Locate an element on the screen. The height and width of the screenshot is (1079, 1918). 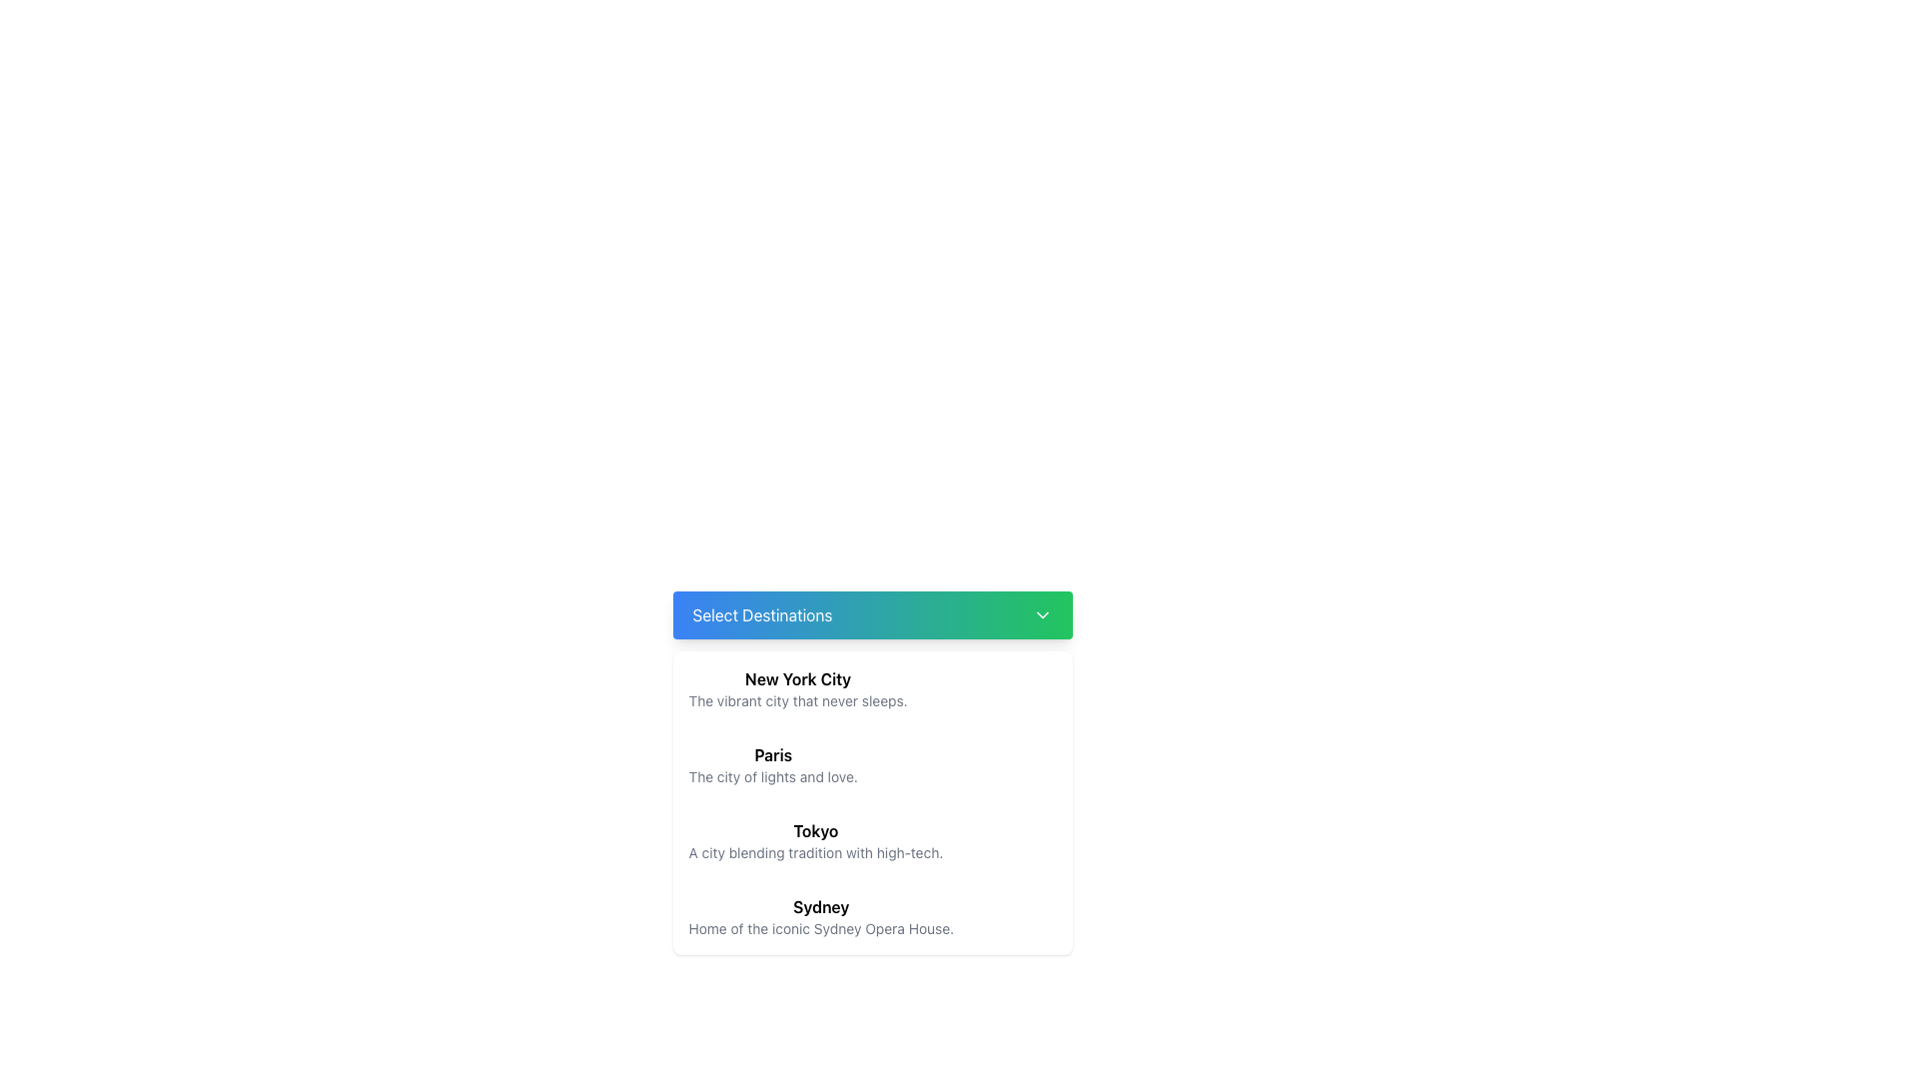
the list item describing the city of Sydney in the dropdown menu is located at coordinates (821, 917).